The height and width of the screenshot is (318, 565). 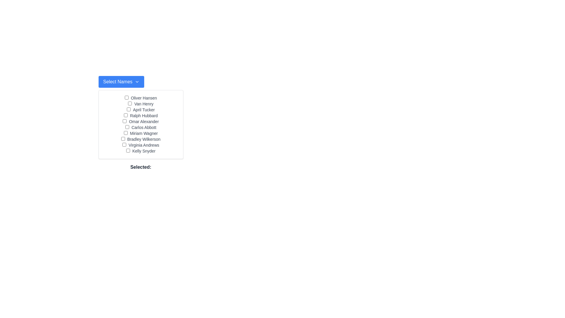 What do you see at coordinates (125, 133) in the screenshot?
I see `the checkbox located next to the text 'Miriam Wagner'` at bounding box center [125, 133].